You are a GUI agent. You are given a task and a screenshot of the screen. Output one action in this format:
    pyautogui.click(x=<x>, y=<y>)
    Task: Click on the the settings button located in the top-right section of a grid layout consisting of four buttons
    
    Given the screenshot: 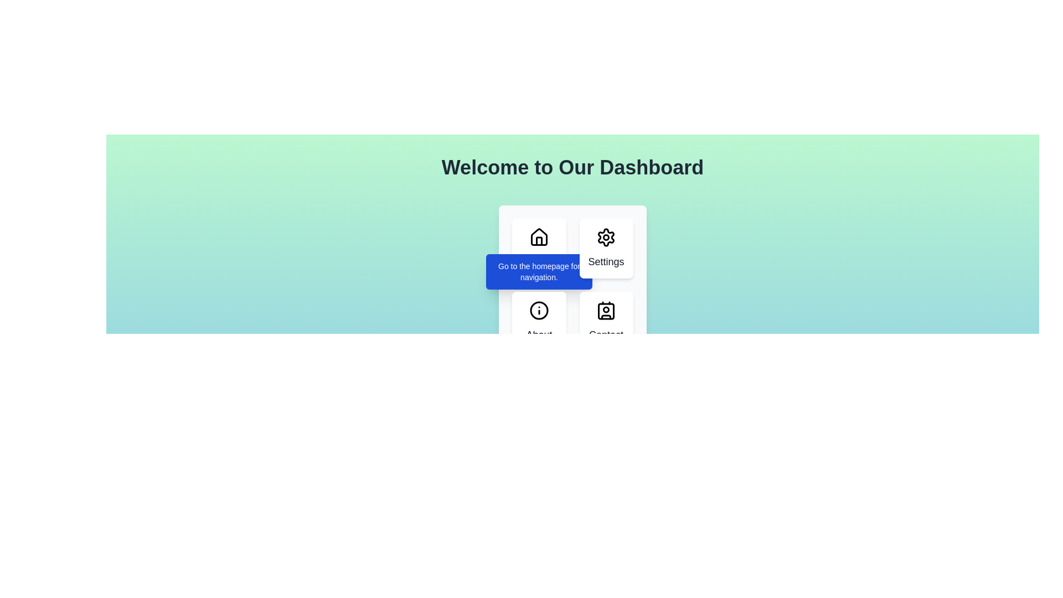 What is the action you would take?
    pyautogui.click(x=605, y=248)
    